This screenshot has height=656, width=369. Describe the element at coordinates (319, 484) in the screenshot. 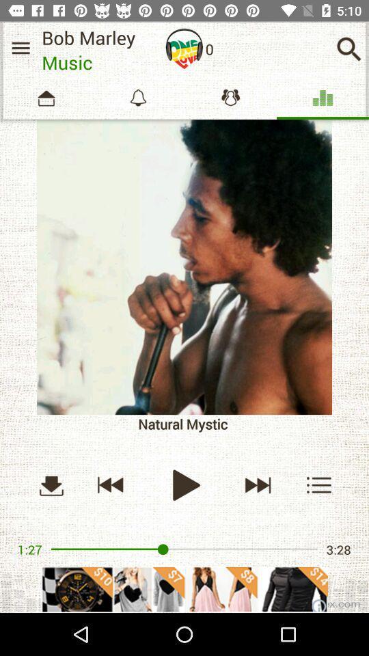

I see `open menu` at that location.